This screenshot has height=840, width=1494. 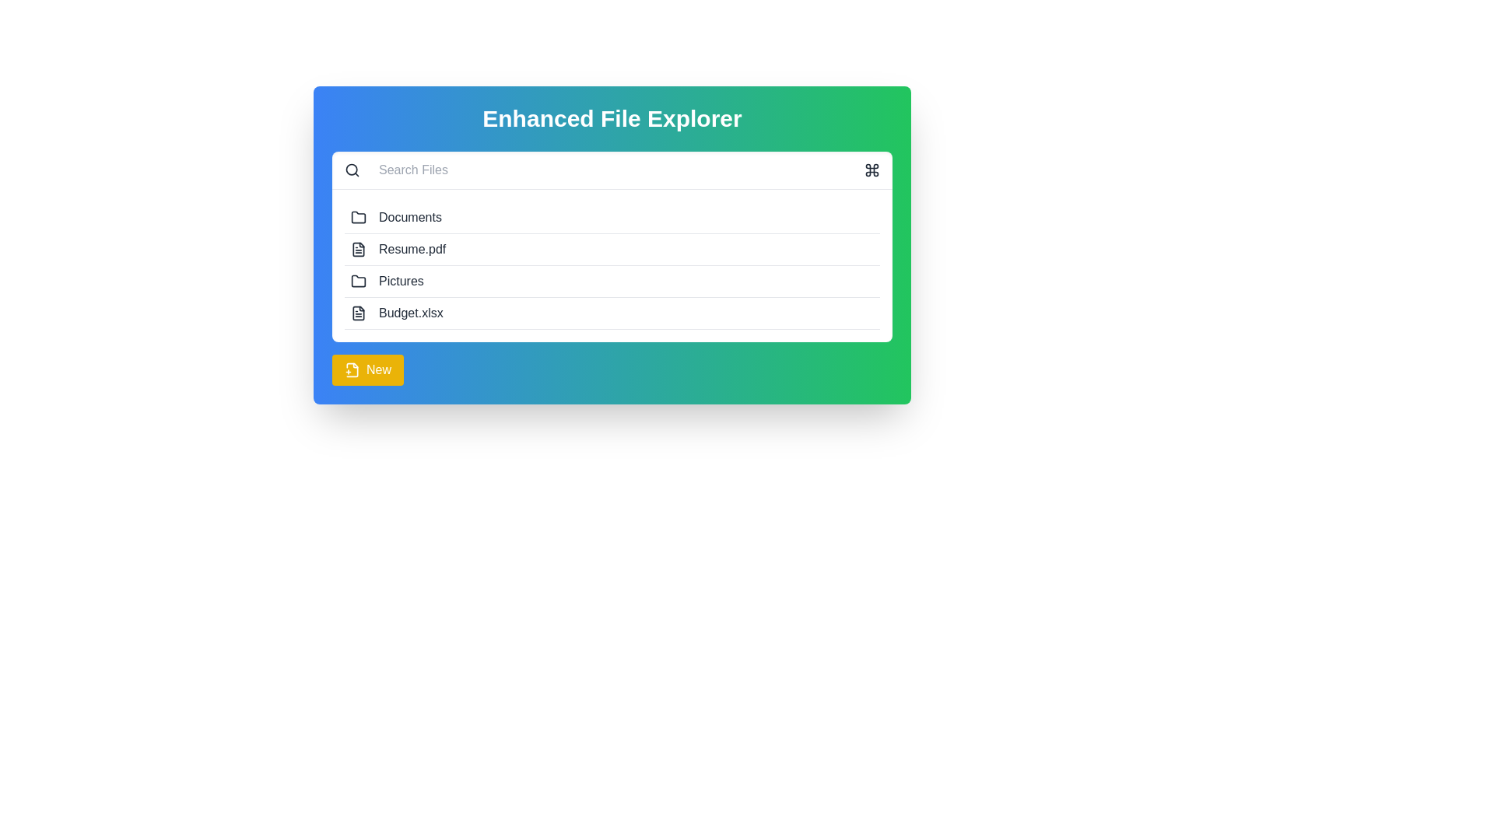 What do you see at coordinates (612, 245) in the screenshot?
I see `the second item labeled 'Resume.pdf' in the vertical list of options within the 'Enhanced File Explorer' window` at bounding box center [612, 245].